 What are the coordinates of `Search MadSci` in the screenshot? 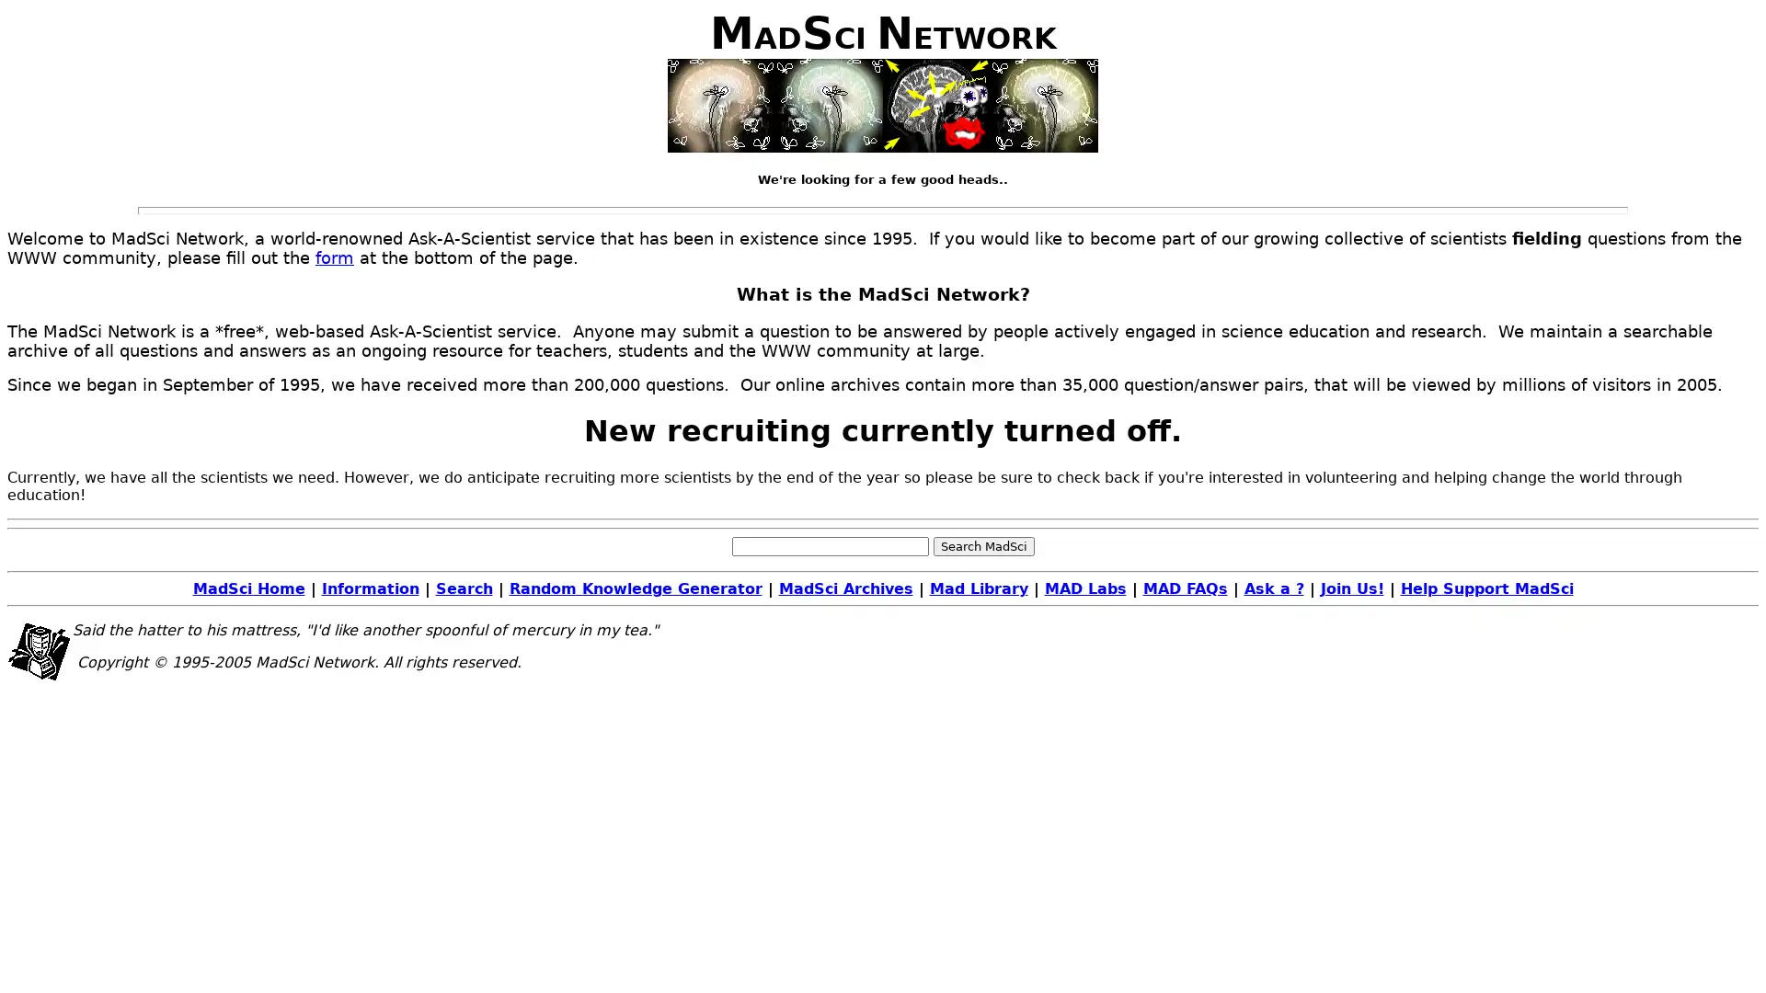 It's located at (982, 544).